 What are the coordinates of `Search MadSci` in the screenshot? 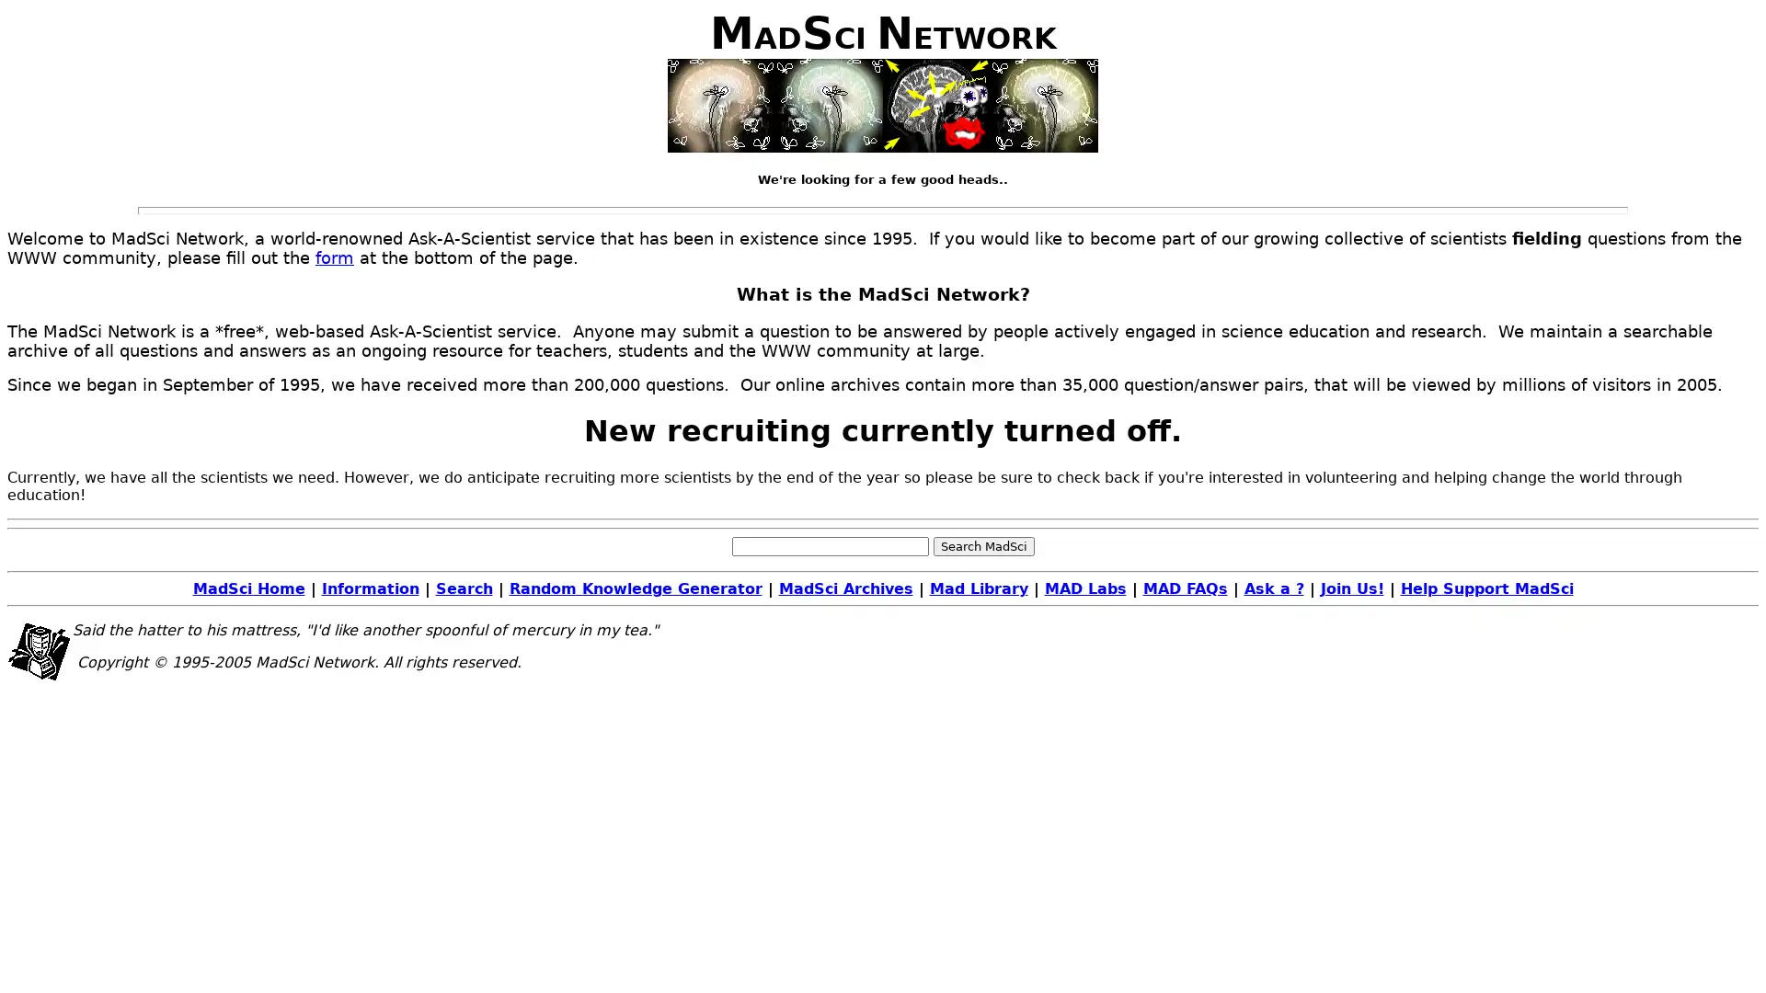 It's located at (982, 544).